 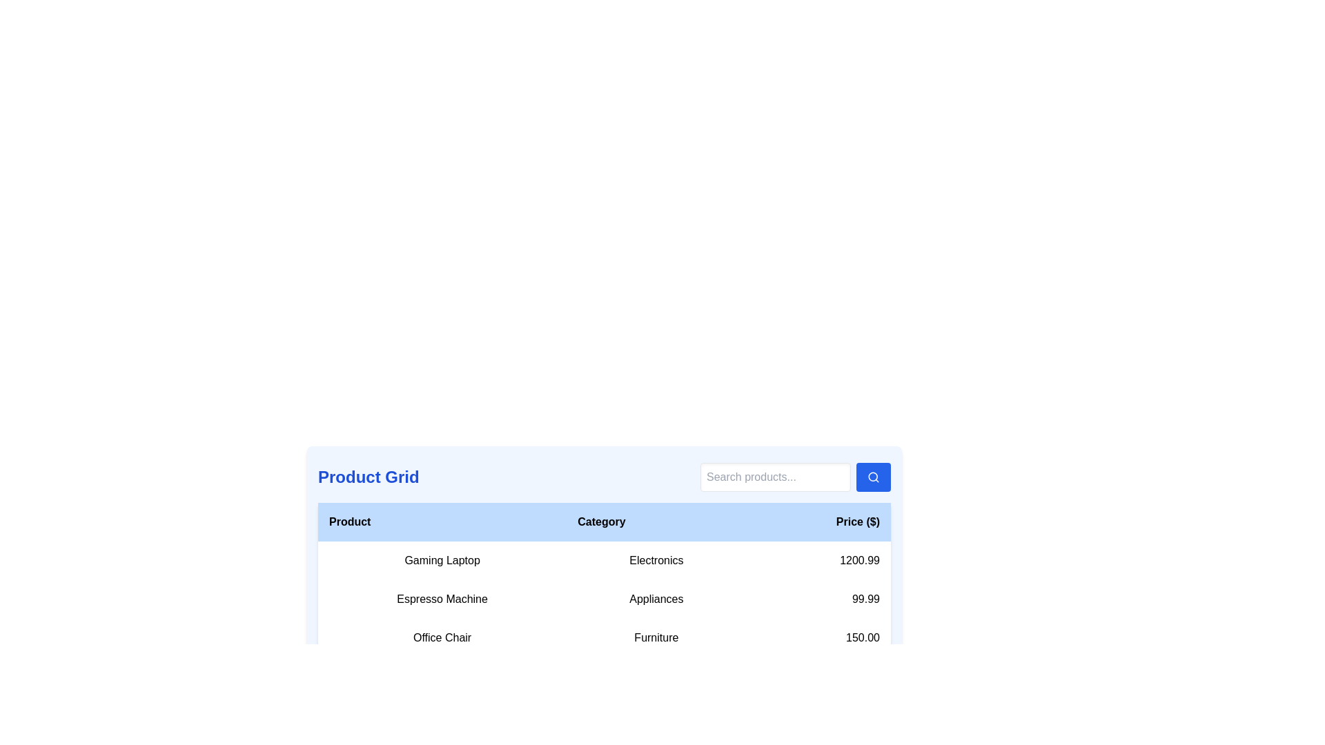 I want to click on the text label that serves as a header for the product grid, located at the far-left side of the top row among sibling elements, so click(x=369, y=476).